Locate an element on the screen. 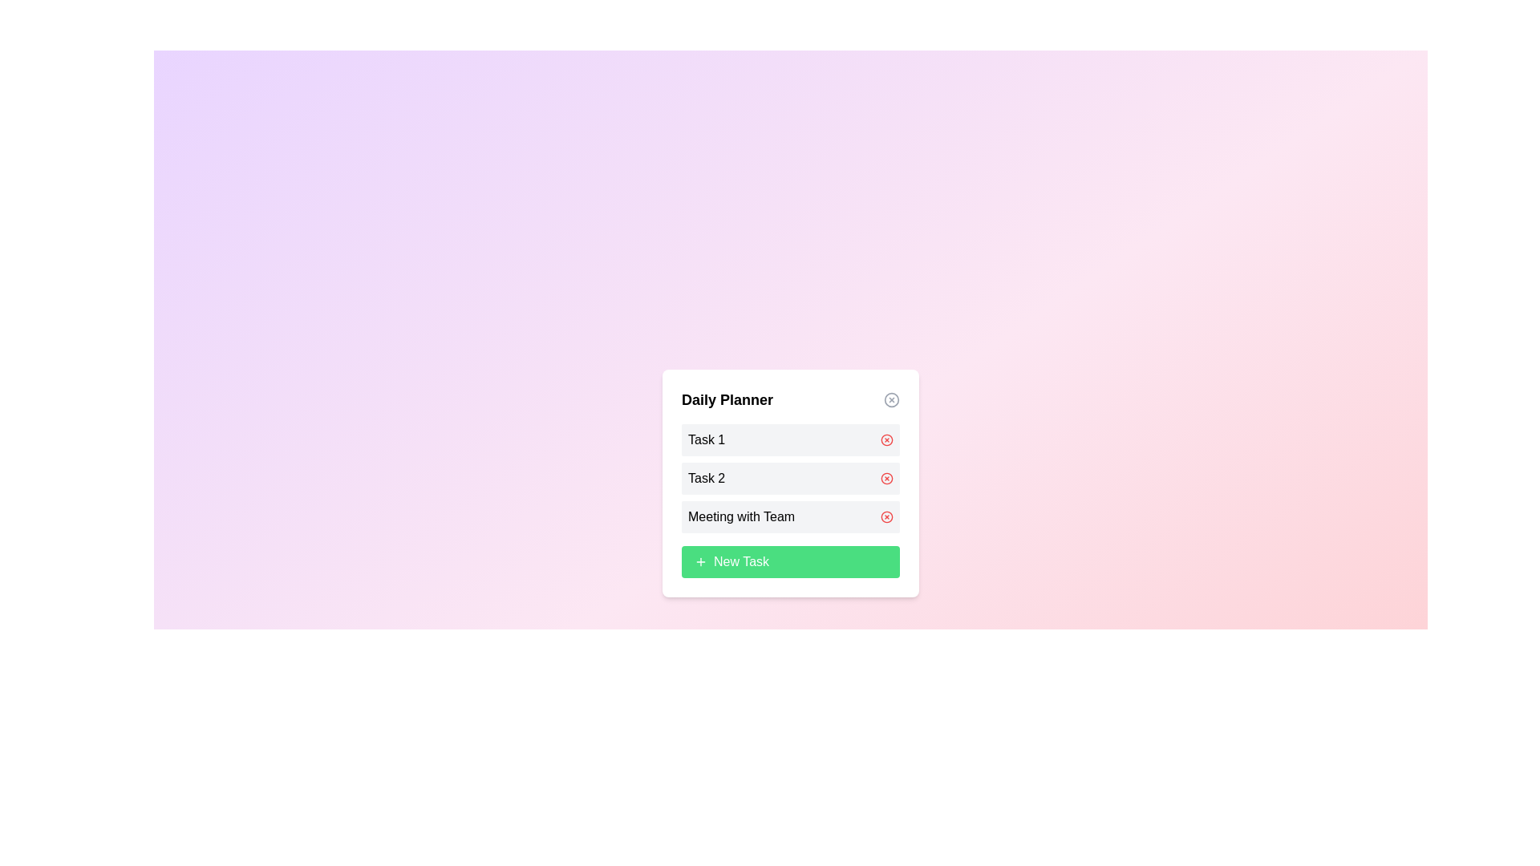 This screenshot has height=866, width=1540. the dialog title to inspect its content is located at coordinates (790, 399).